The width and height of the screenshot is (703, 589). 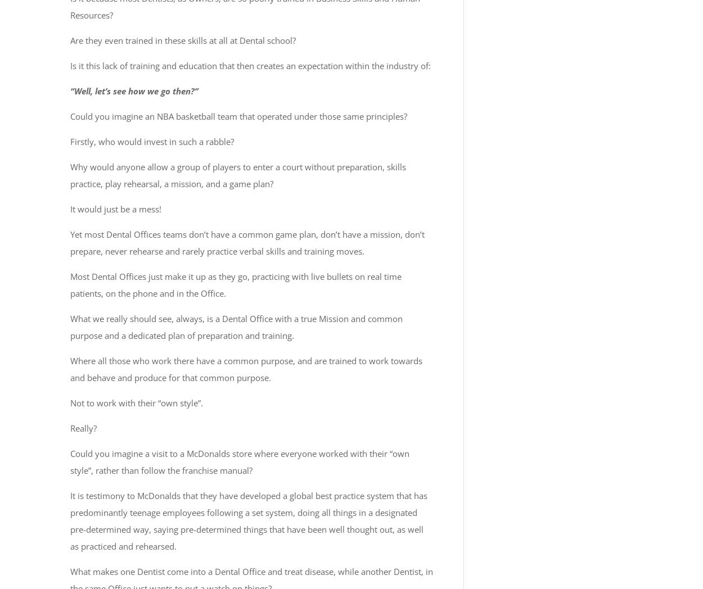 What do you see at coordinates (136, 402) in the screenshot?
I see `'Not to work with their “own style”.'` at bounding box center [136, 402].